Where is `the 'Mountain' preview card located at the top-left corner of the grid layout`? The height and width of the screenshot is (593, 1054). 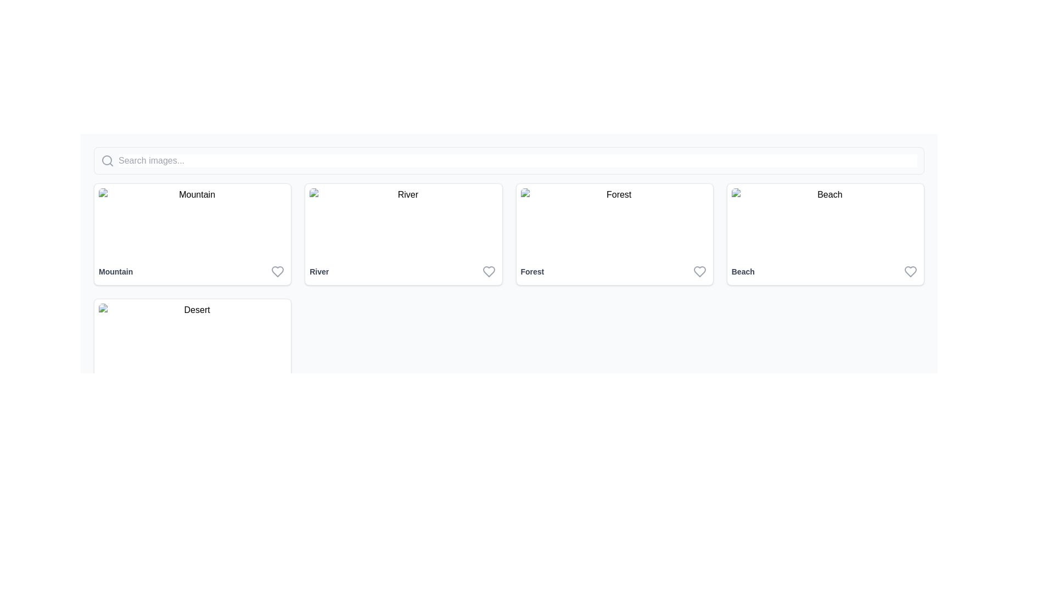
the 'Mountain' preview card located at the top-left corner of the grid layout is located at coordinates (193, 234).